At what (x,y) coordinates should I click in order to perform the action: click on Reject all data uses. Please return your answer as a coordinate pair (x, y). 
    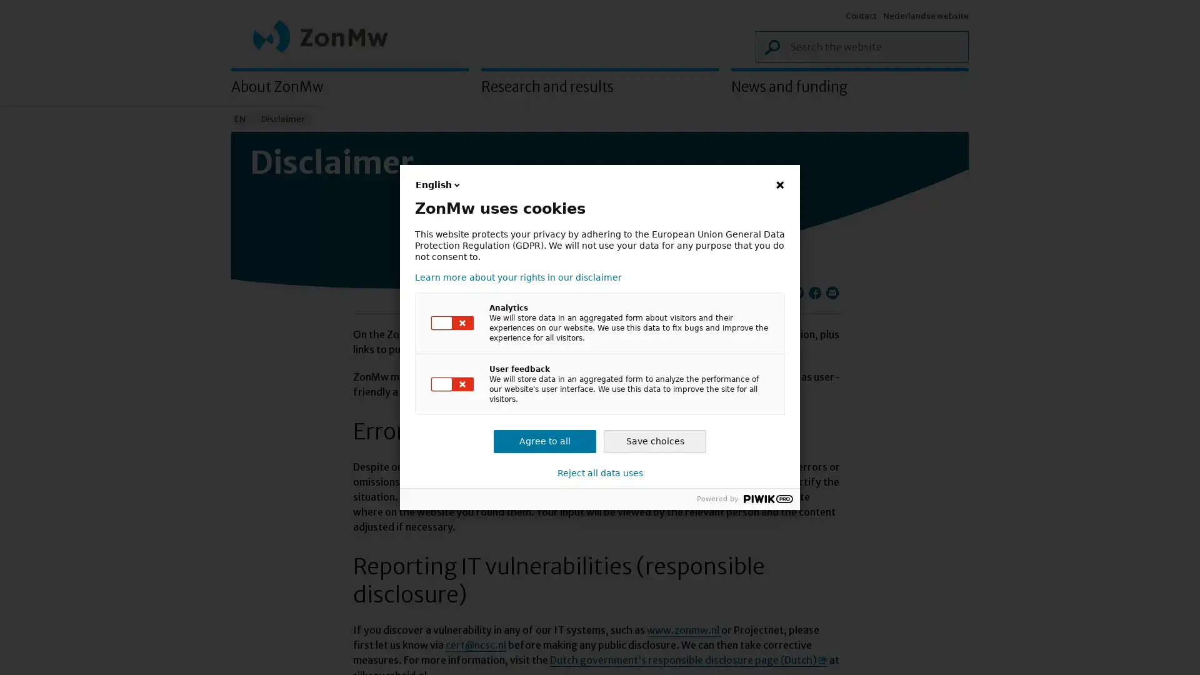
    Looking at the image, I should click on (599, 472).